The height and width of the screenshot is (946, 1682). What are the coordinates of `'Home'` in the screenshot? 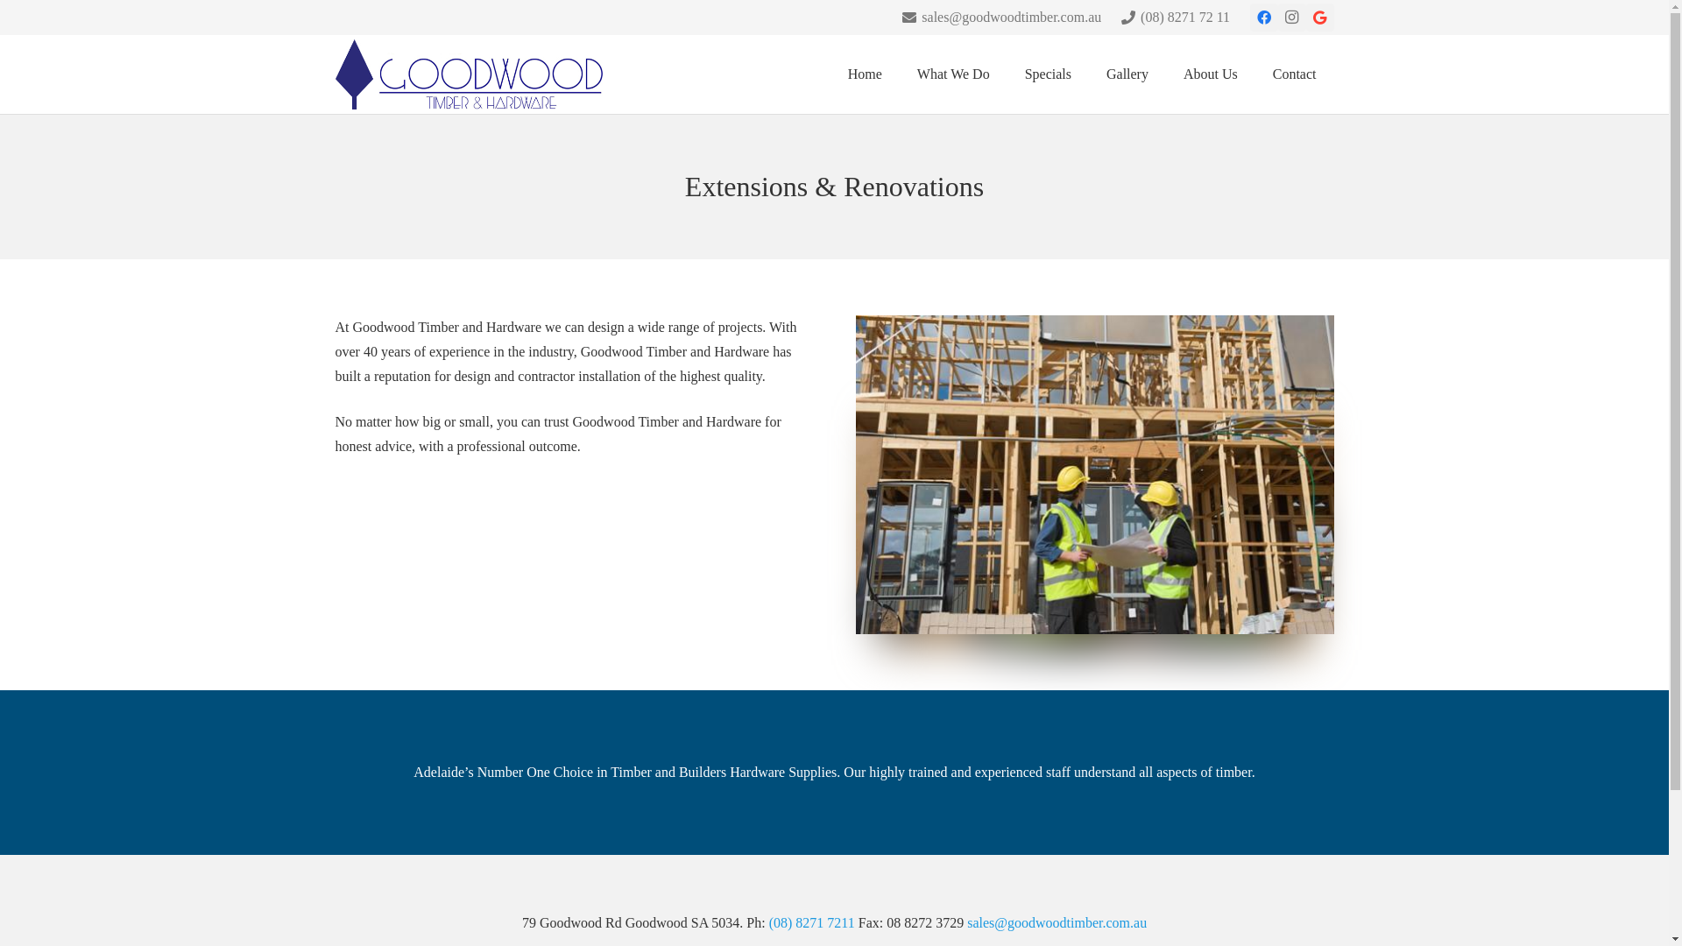 It's located at (865, 73).